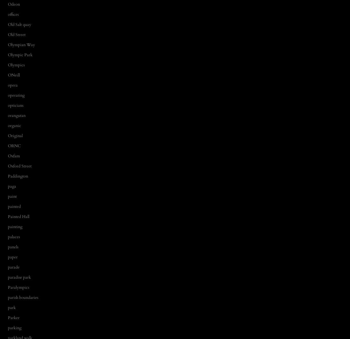  Describe the element at coordinates (15, 226) in the screenshot. I see `'painting'` at that location.